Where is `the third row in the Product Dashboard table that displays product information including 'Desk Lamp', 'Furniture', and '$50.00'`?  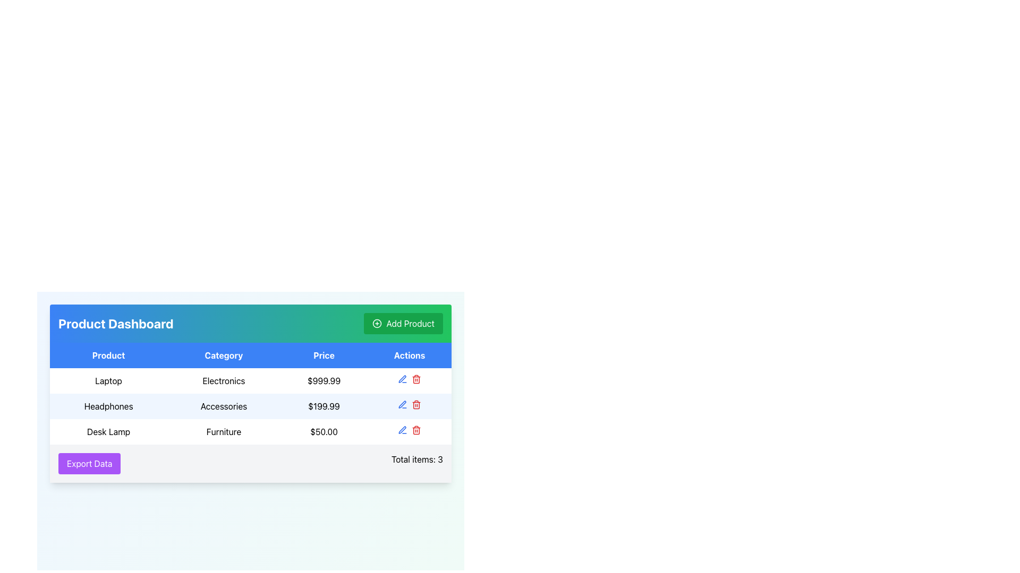
the third row in the Product Dashboard table that displays product information including 'Desk Lamp', 'Furniture', and '$50.00' is located at coordinates (250, 431).